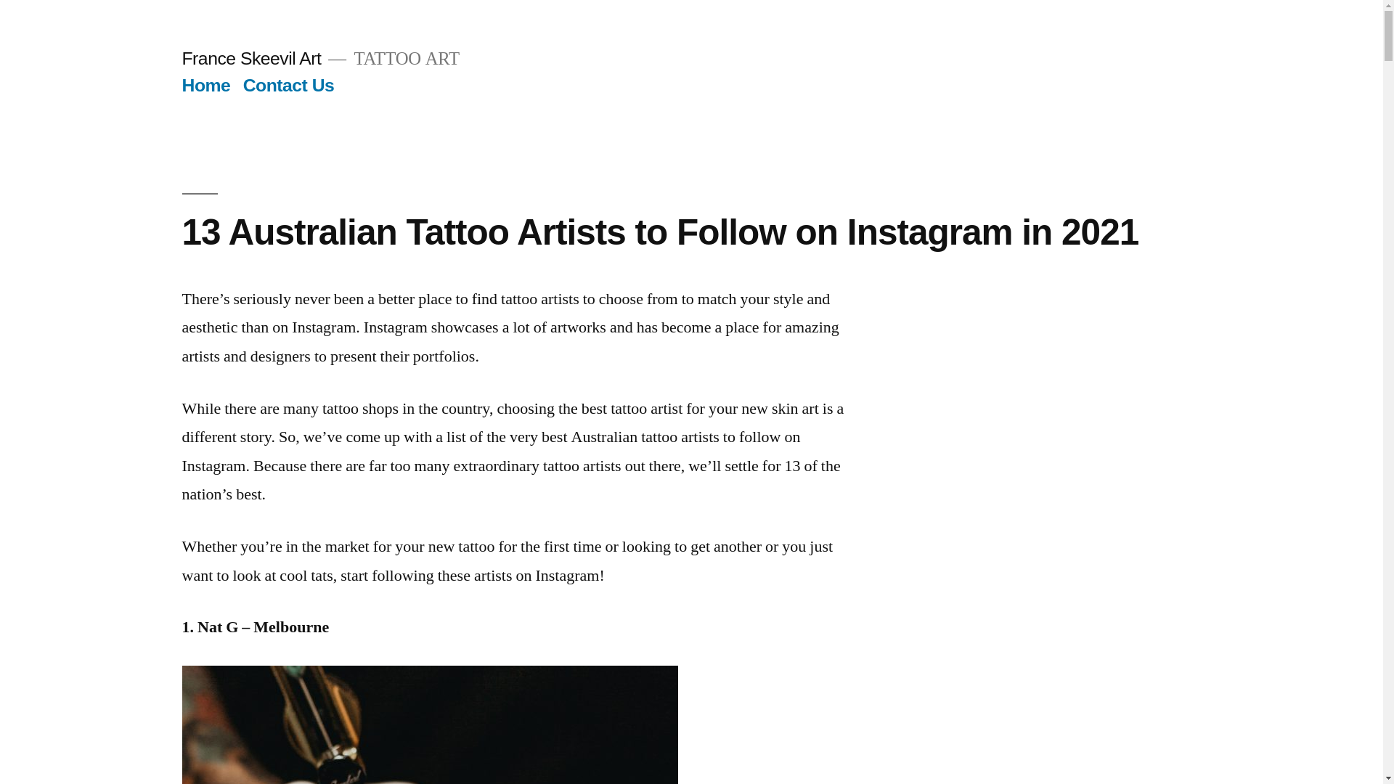  What do you see at coordinates (205, 85) in the screenshot?
I see `'Home'` at bounding box center [205, 85].